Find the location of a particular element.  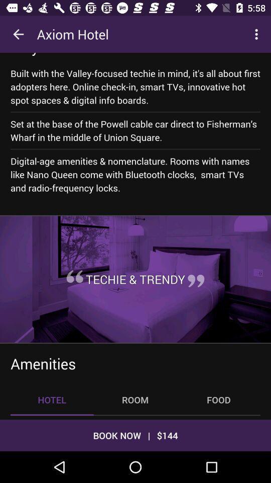

the book now   |   $144 item is located at coordinates (135, 435).